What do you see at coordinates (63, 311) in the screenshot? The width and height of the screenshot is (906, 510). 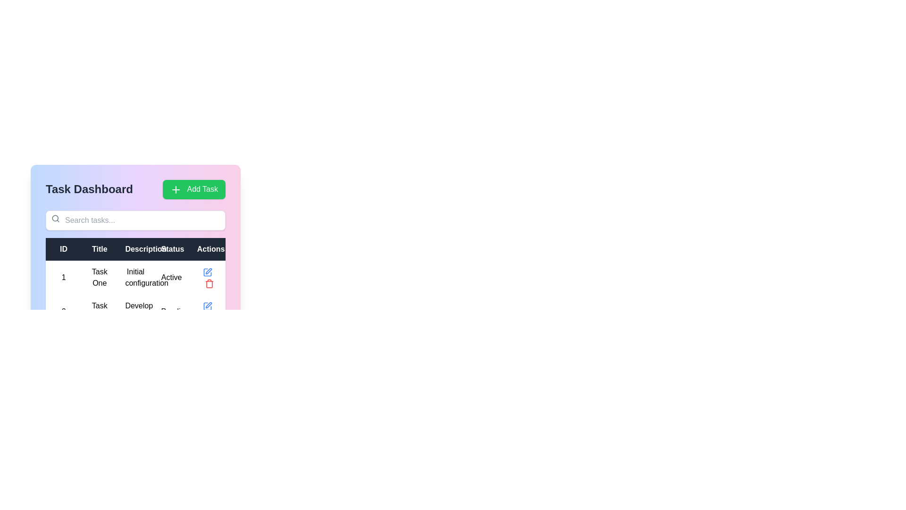 I see `value from the Label displaying the number '2' in bold, located in the first cell of the second row of the table under the 'ID' column` at bounding box center [63, 311].